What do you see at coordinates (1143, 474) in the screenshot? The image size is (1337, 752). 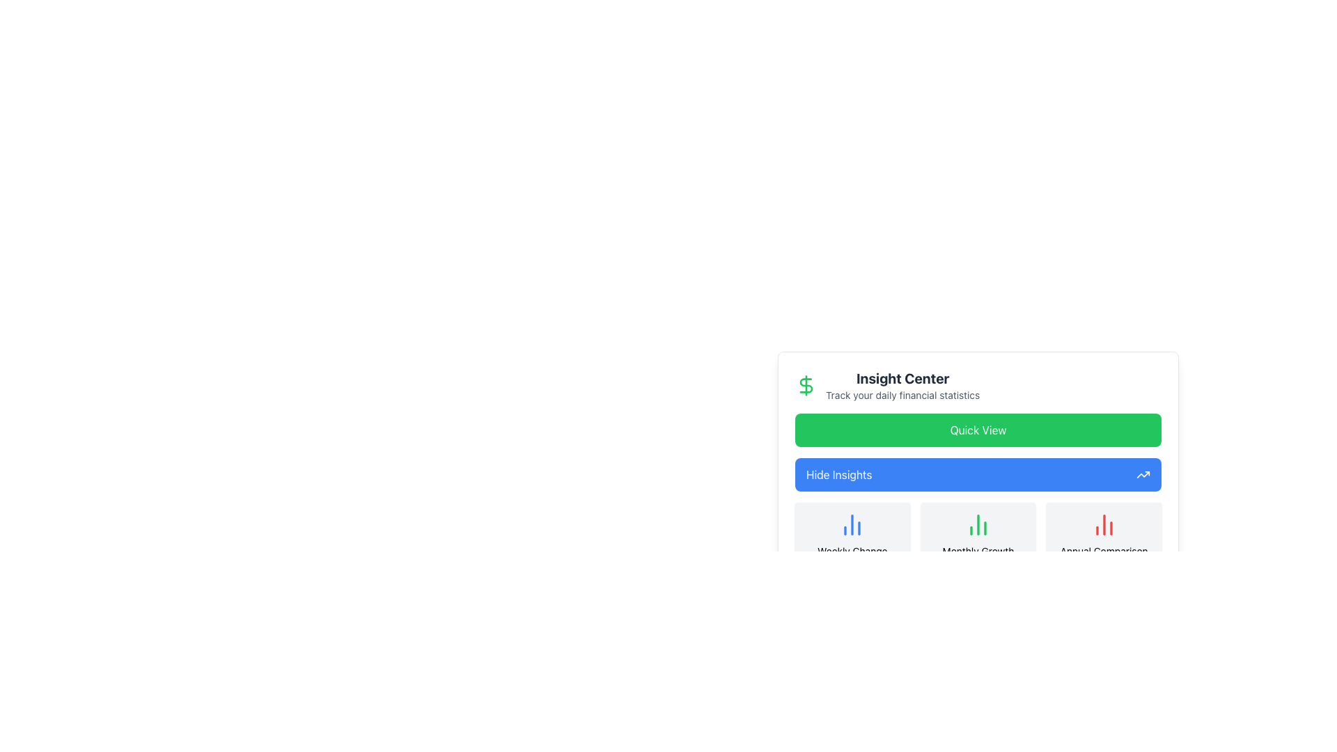 I see `the icon located on the far right side of the 'Hide Insights' button` at bounding box center [1143, 474].